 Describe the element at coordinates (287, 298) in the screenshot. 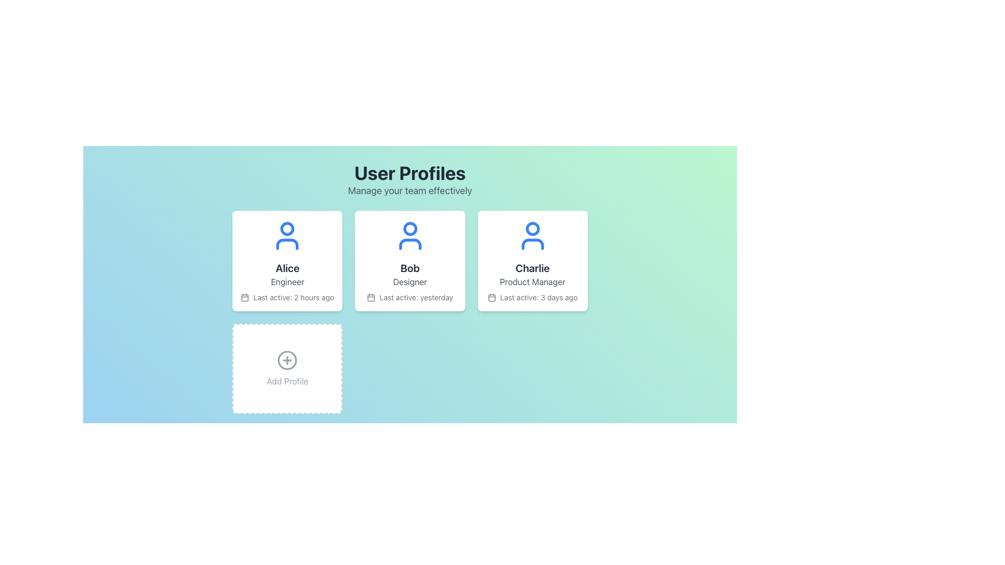

I see `the informational element displaying 'Last active: 2 hours ago' with a calendar icon, located in the bottom section of Alice's profile card` at that location.